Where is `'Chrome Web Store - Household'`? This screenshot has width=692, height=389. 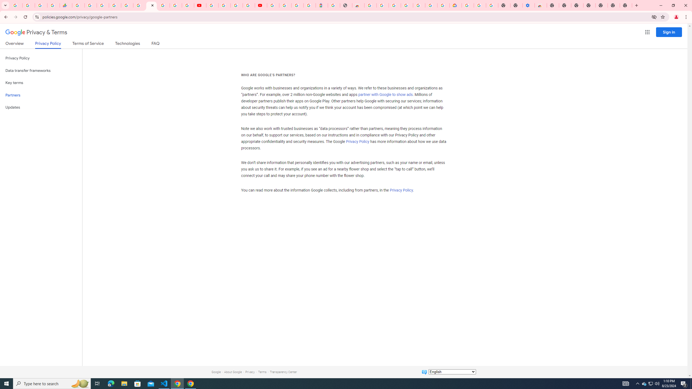 'Chrome Web Store - Household' is located at coordinates (358, 5).